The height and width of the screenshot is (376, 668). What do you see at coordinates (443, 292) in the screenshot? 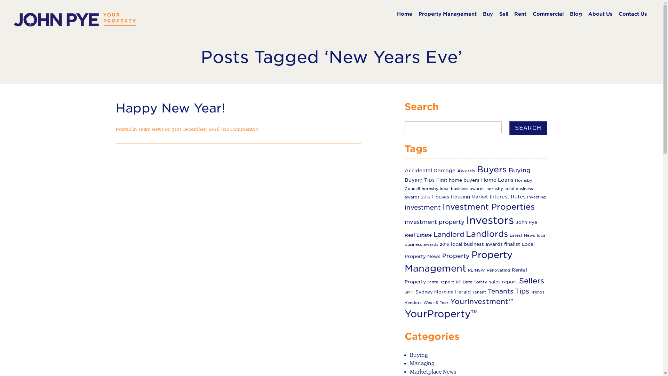
I see `'Sydney Morning Herald'` at bounding box center [443, 292].